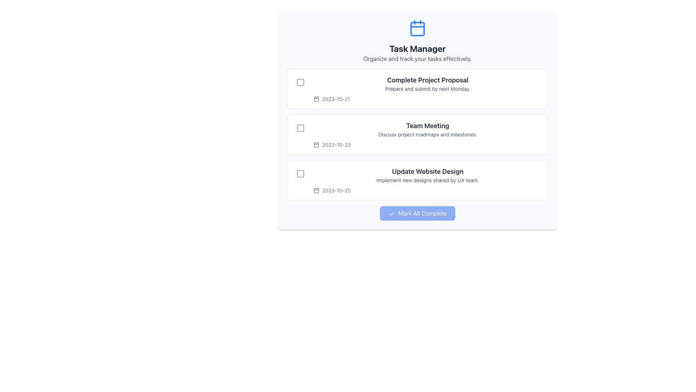 This screenshot has height=392, width=696. Describe the element at coordinates (391, 213) in the screenshot. I see `the icon representing the action of marking tasks as complete, which is located inside the left segment of the button adjacent to the text 'Mark All Complete'` at that location.